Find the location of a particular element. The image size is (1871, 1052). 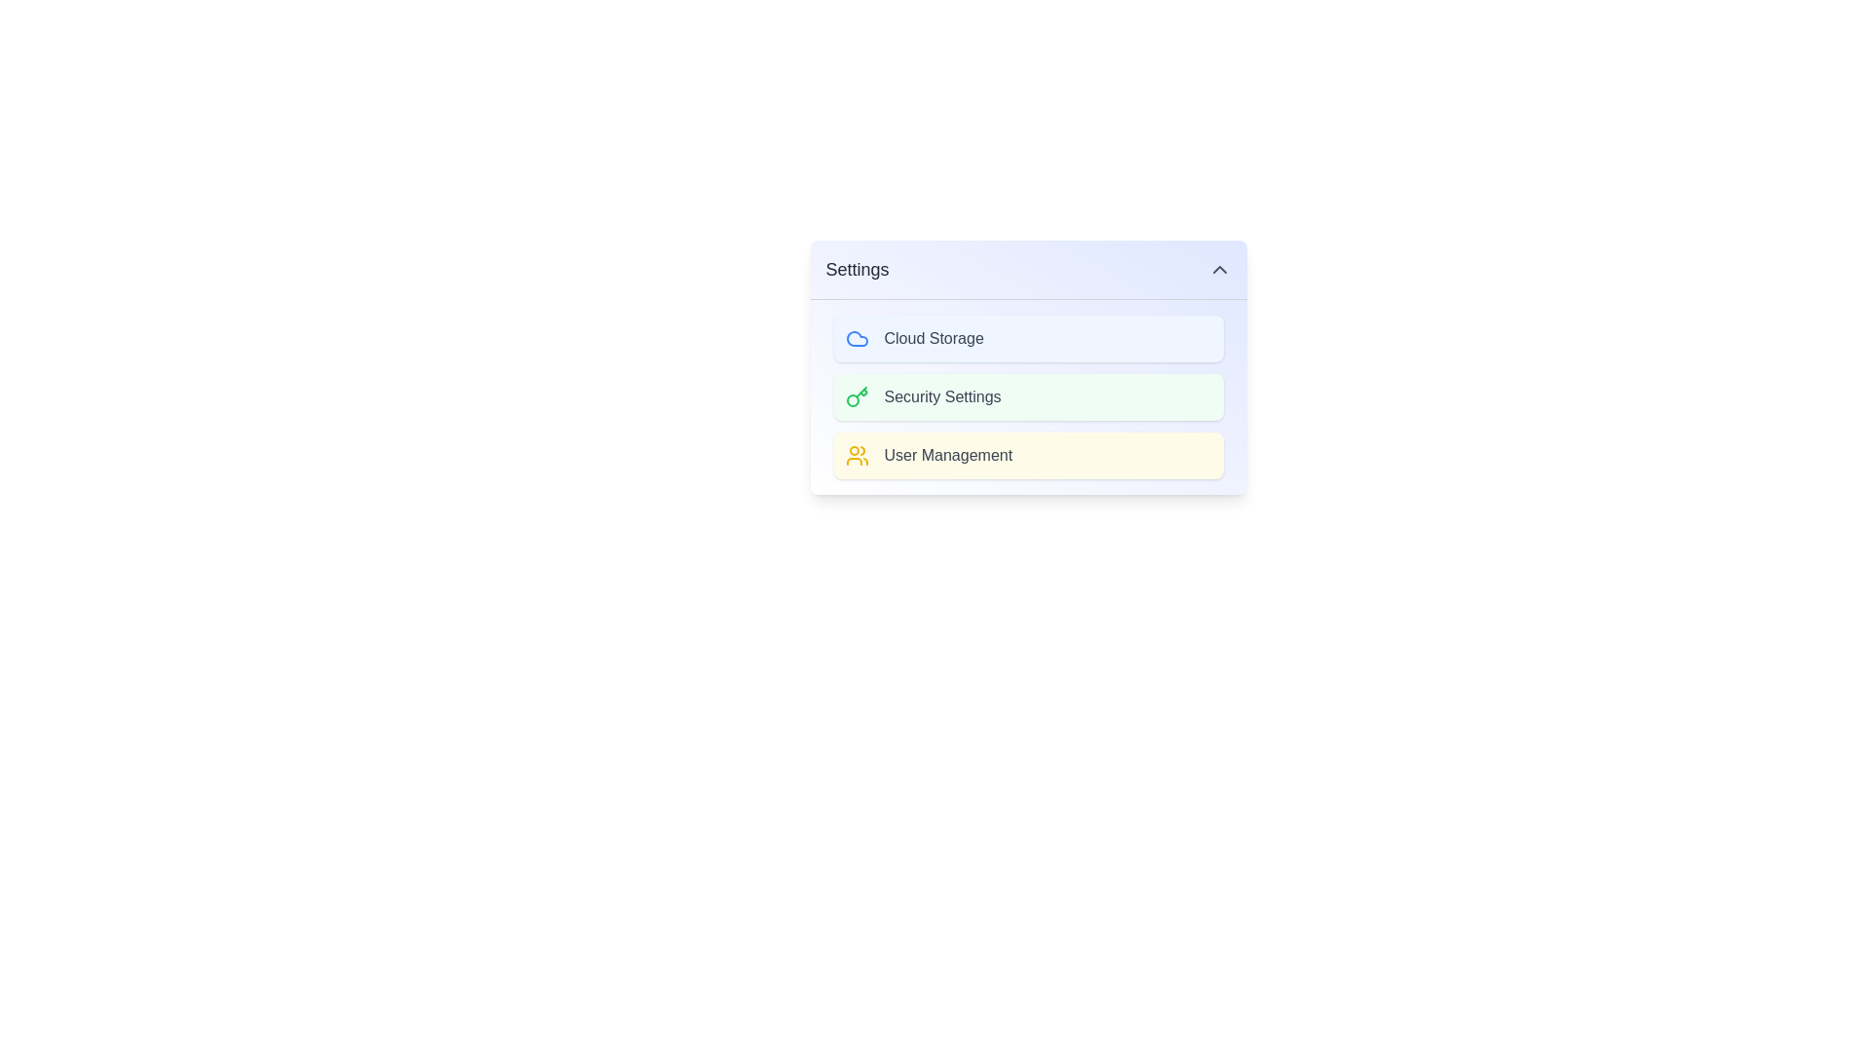

the toggle button located in the Settings section, aligned to the right side of the section header is located at coordinates (1218, 270).